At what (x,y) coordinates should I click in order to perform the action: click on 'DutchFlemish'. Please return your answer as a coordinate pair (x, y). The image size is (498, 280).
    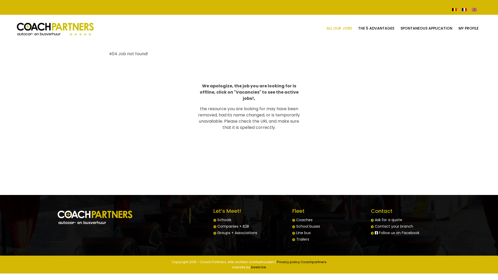
    Looking at the image, I should click on (454, 9).